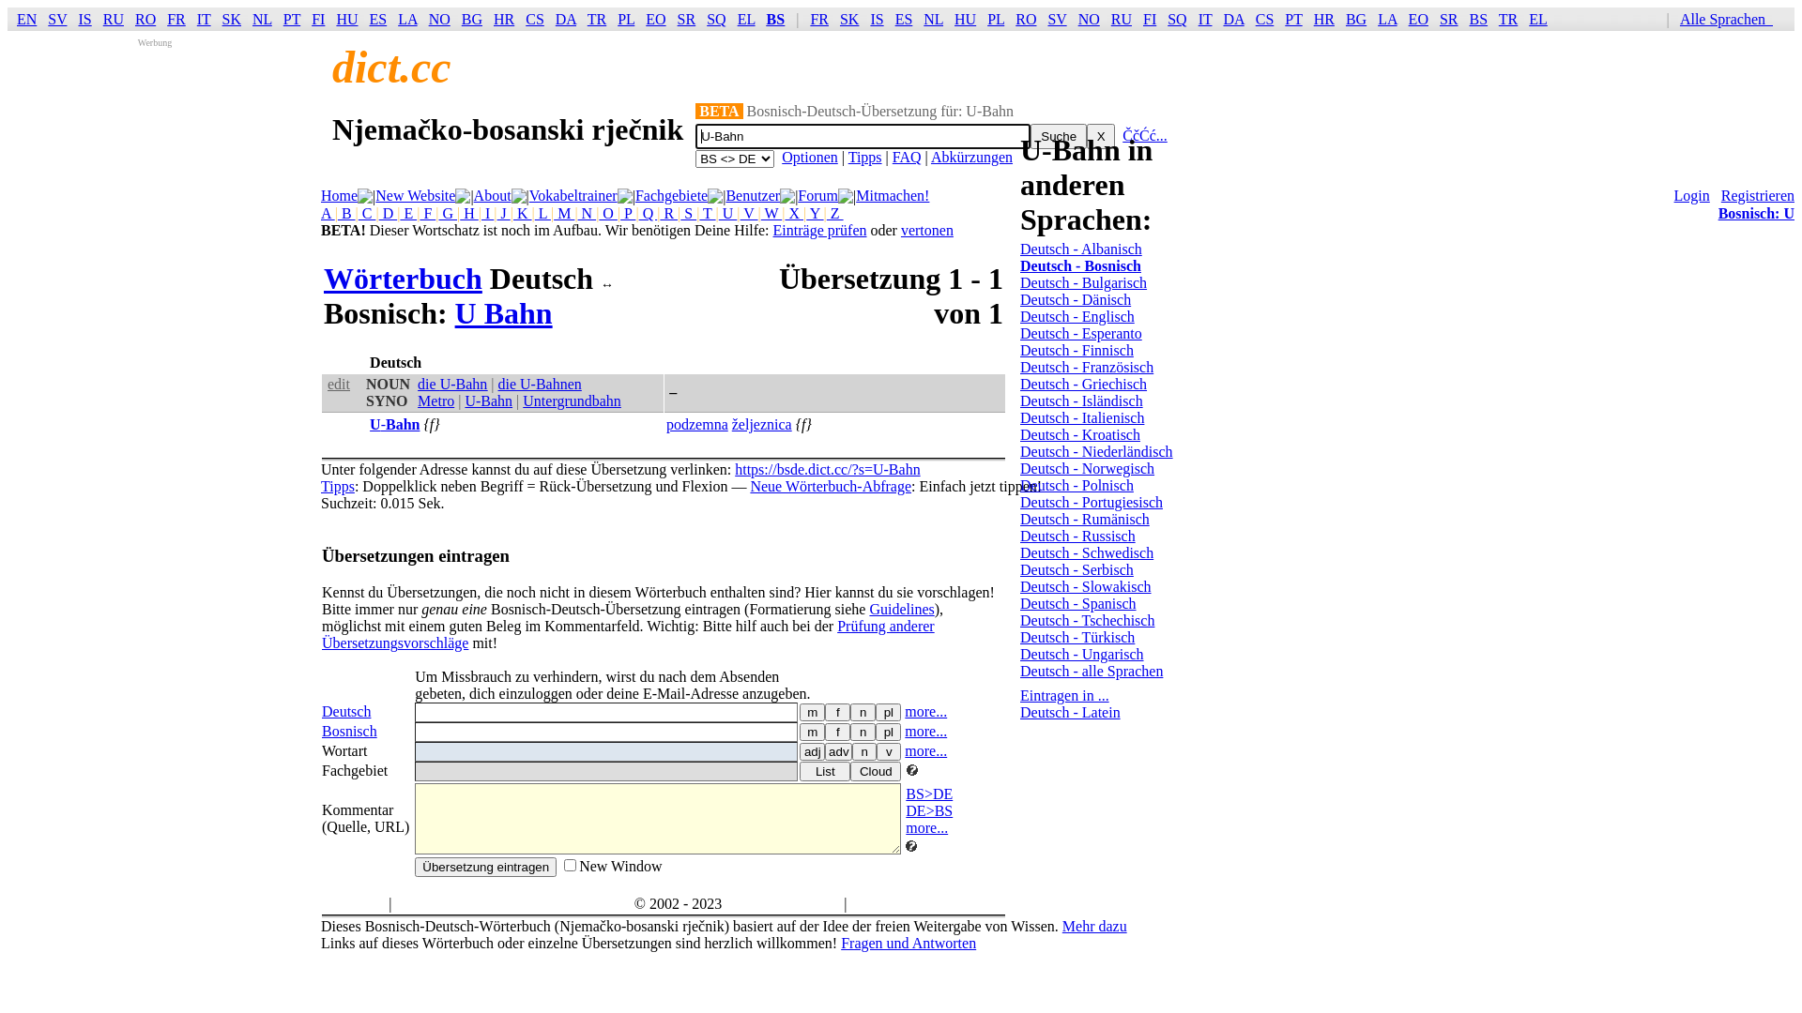  Describe the element at coordinates (492, 195) in the screenshot. I see `'About'` at that location.